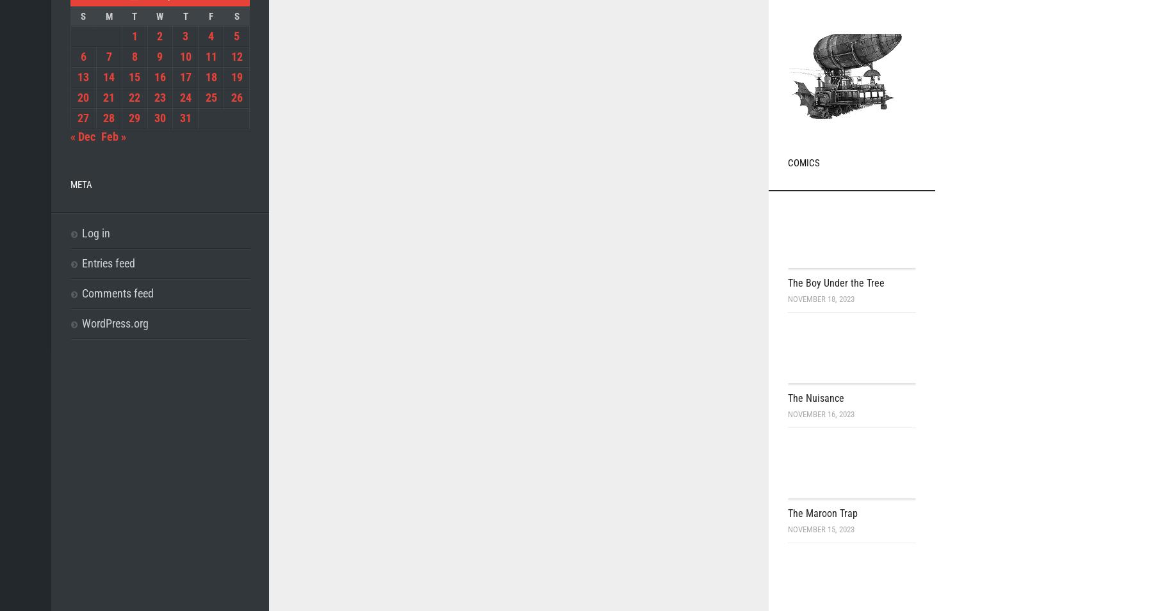  What do you see at coordinates (181, 35) in the screenshot?
I see `'3'` at bounding box center [181, 35].